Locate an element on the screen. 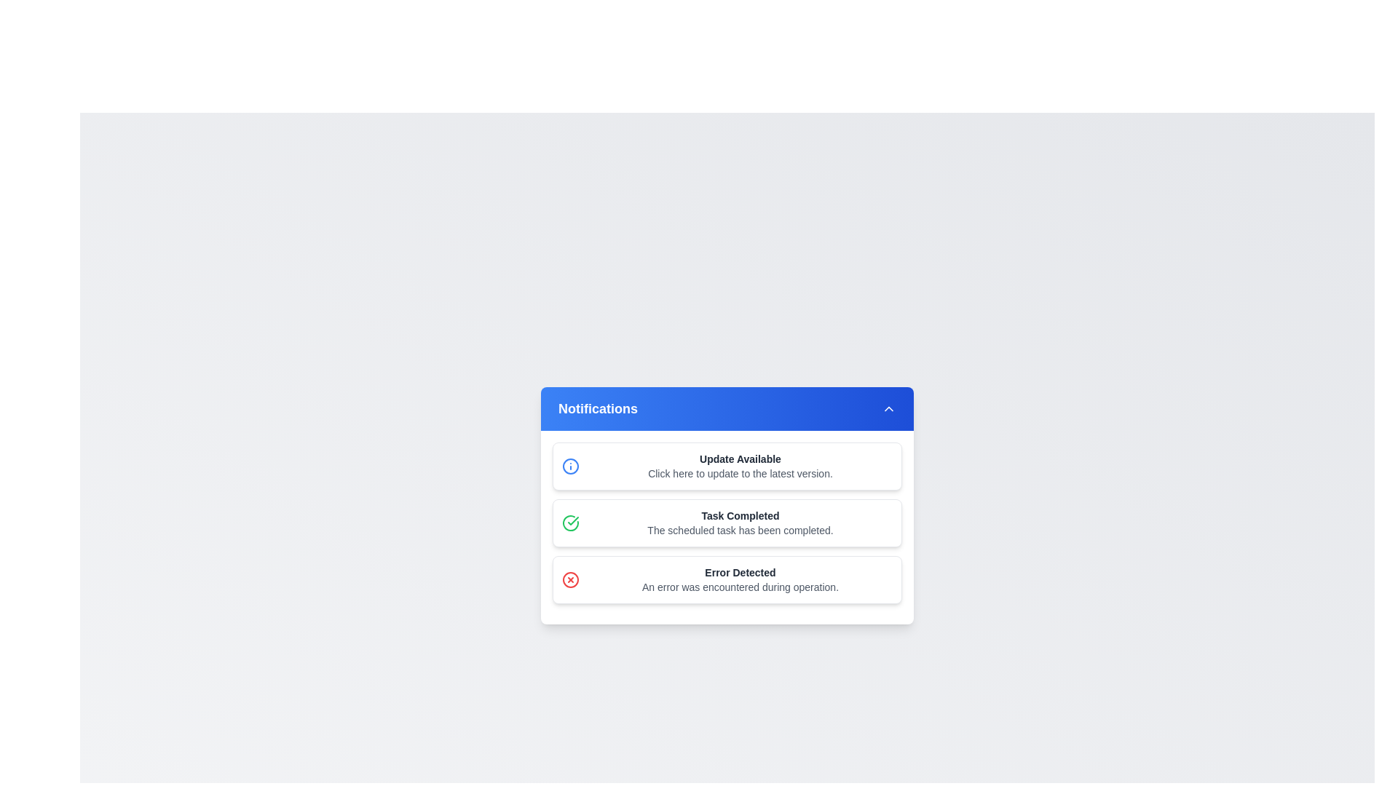 Image resolution: width=1398 pixels, height=786 pixels. update information from the Notification entry titled 'Update Available', which includes the description 'Click here to update to the latest version.' is located at coordinates (741, 466).